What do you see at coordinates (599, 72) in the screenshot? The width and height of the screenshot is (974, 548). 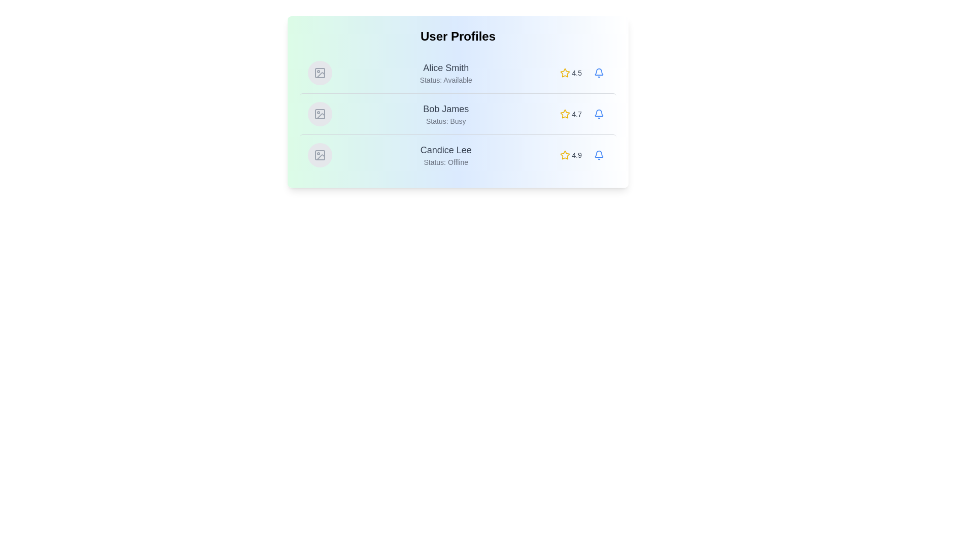 I see `notification bell for the user Alice Smith` at bounding box center [599, 72].